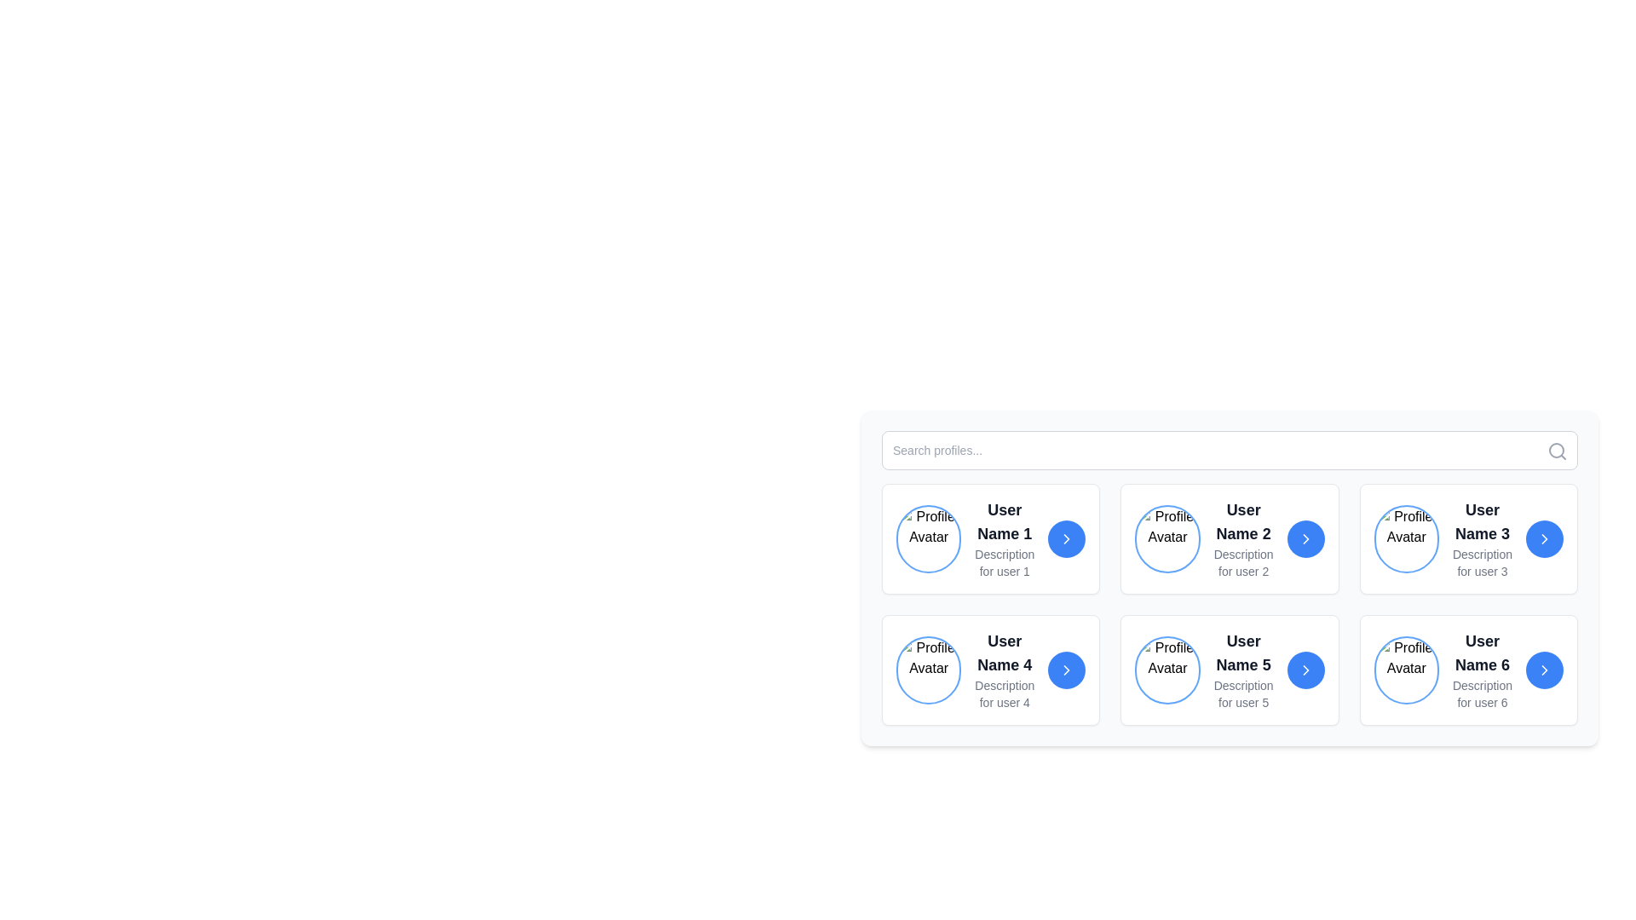 The width and height of the screenshot is (1636, 920). Describe the element at coordinates (1481, 521) in the screenshot. I see `user name displayed as a title or header in the top part of the user profile segment located in the rightmost column of the grid layout` at that location.